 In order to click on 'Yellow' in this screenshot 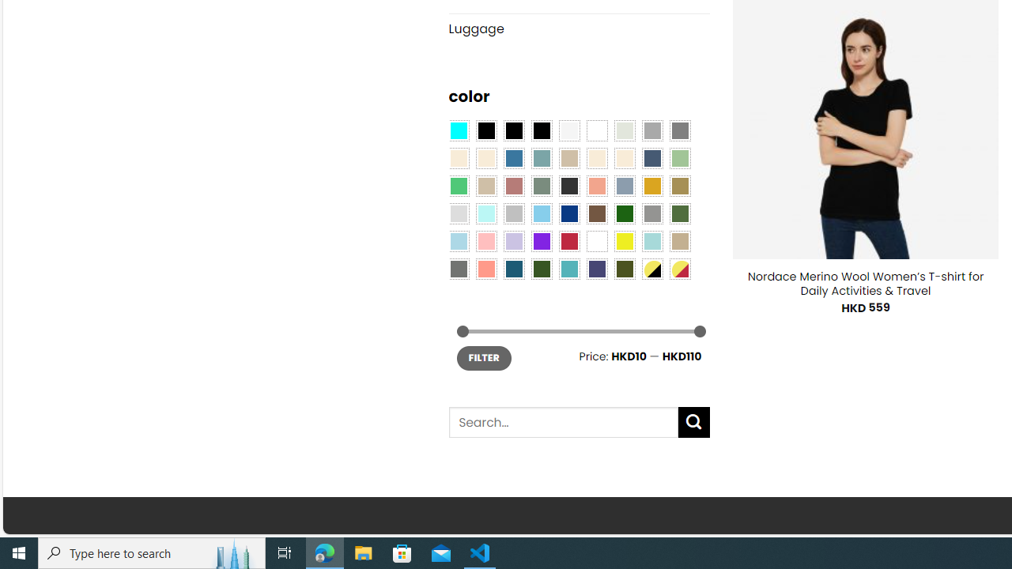, I will do `click(623, 241)`.